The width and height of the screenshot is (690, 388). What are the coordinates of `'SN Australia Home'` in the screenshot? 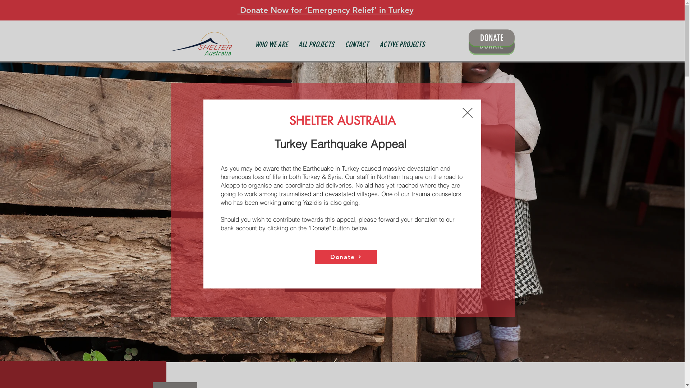 It's located at (200, 44).